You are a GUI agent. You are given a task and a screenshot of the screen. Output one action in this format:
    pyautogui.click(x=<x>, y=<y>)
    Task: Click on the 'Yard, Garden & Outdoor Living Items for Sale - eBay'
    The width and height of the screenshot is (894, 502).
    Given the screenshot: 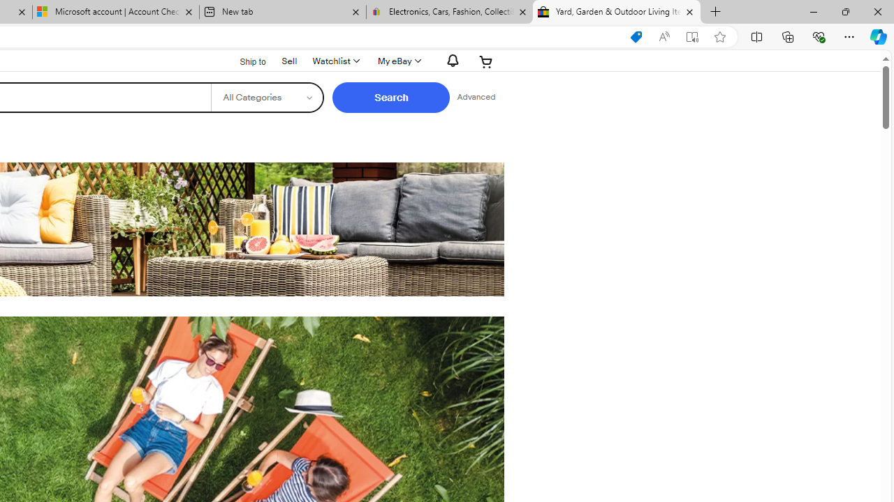 What is the action you would take?
    pyautogui.click(x=616, y=12)
    